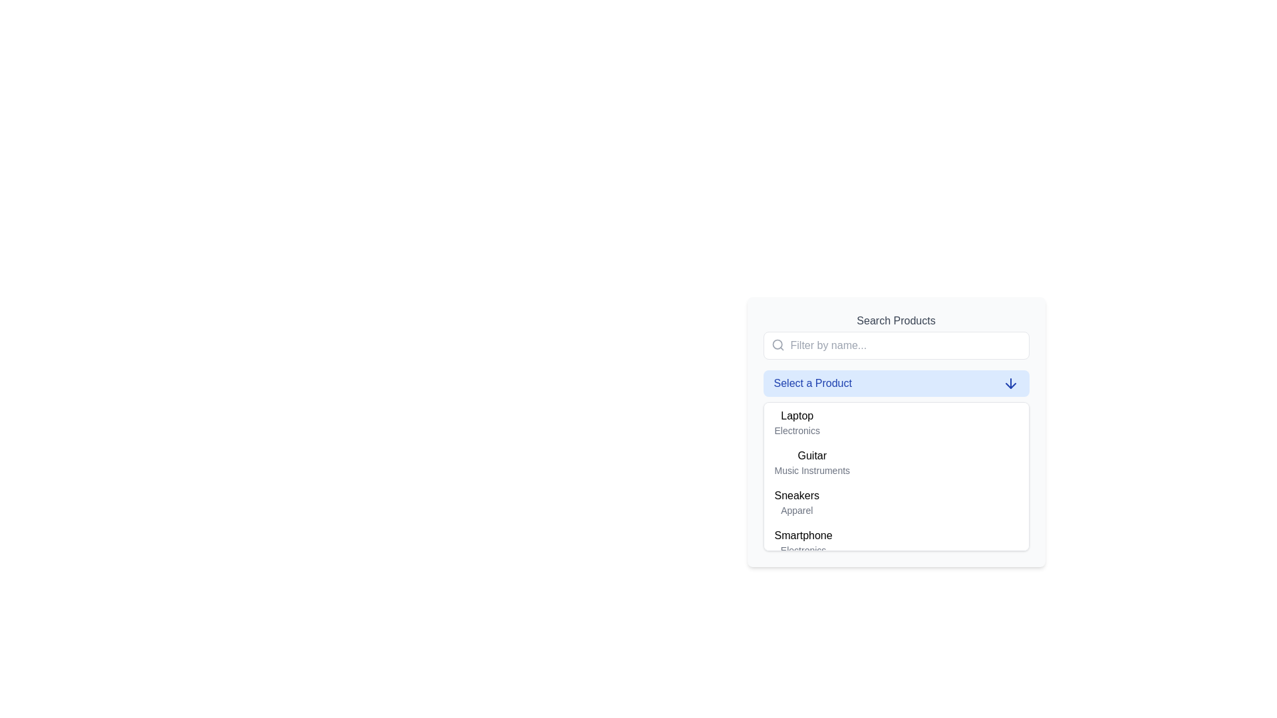  What do you see at coordinates (797, 431) in the screenshot?
I see `the 'Electronics' text label, which is styled in a small gray font and located below 'Laptop' in the dropdown menu under 'Select a Product'` at bounding box center [797, 431].